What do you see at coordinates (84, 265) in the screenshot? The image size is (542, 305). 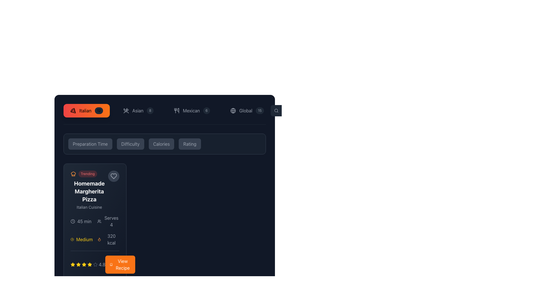 I see `the fourth yellow star icon representing a filled rating star, located below 'Homemade Margherita Pizza' and above the 'View Recipe' button` at bounding box center [84, 265].